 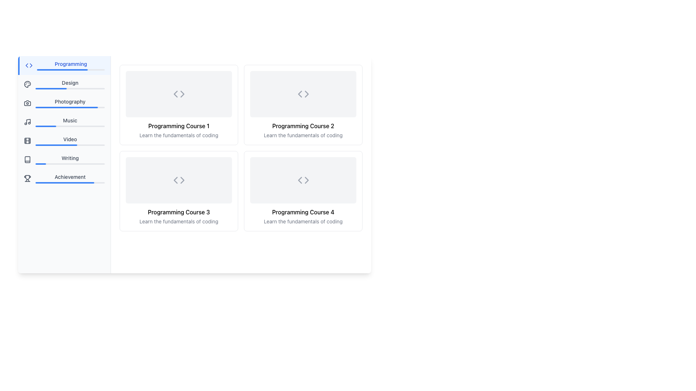 I want to click on the title text 'Programming Course 2' within the second card in a grid layout of four cards, which is displayed in bold and centered horizontally, so click(x=303, y=125).